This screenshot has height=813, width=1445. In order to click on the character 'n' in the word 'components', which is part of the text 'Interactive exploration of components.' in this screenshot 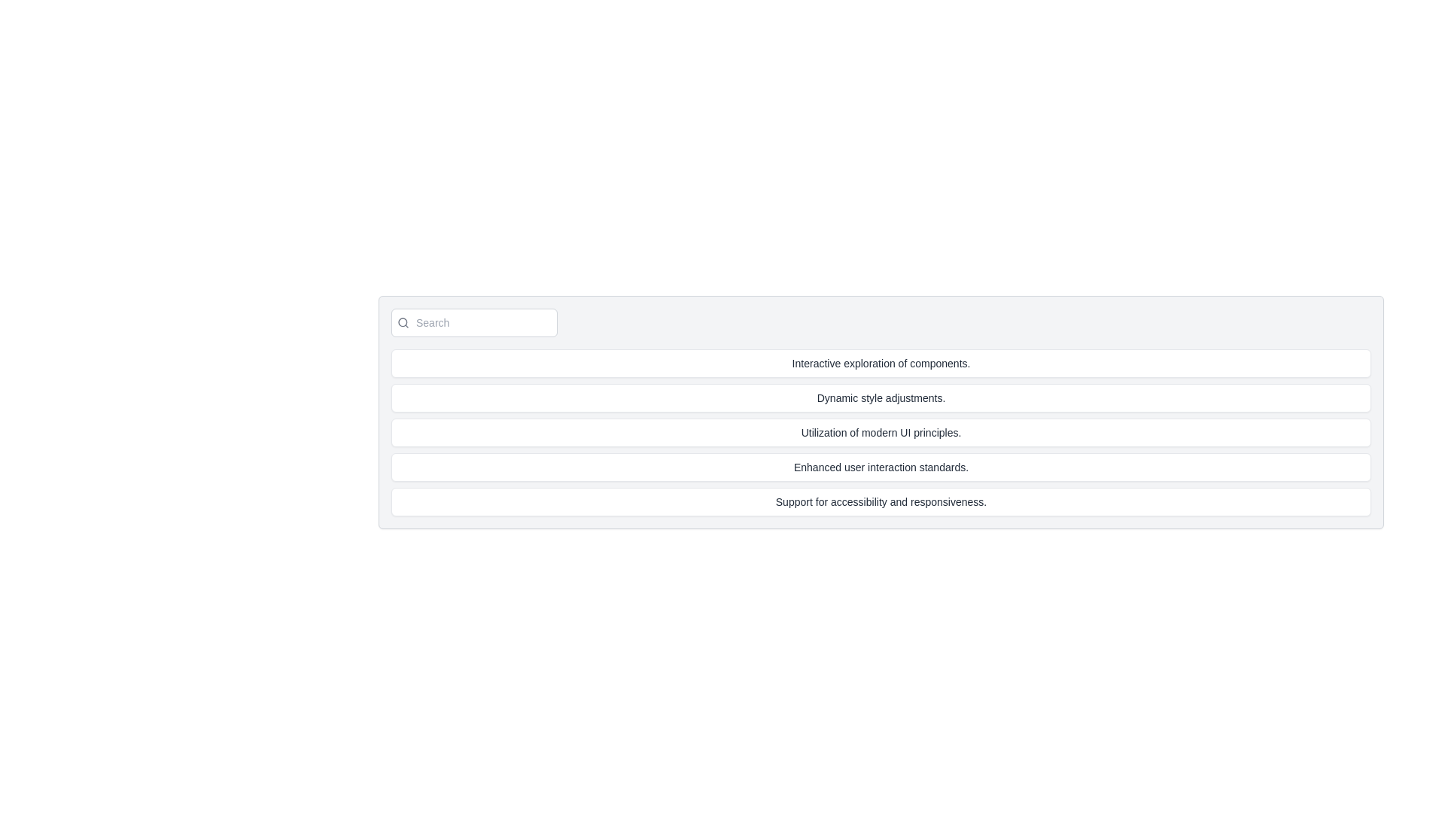, I will do `click(955, 363)`.